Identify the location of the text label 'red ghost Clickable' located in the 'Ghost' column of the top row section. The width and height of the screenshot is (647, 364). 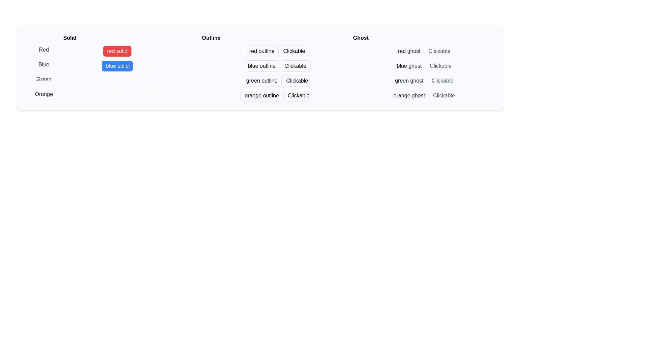
(424, 49).